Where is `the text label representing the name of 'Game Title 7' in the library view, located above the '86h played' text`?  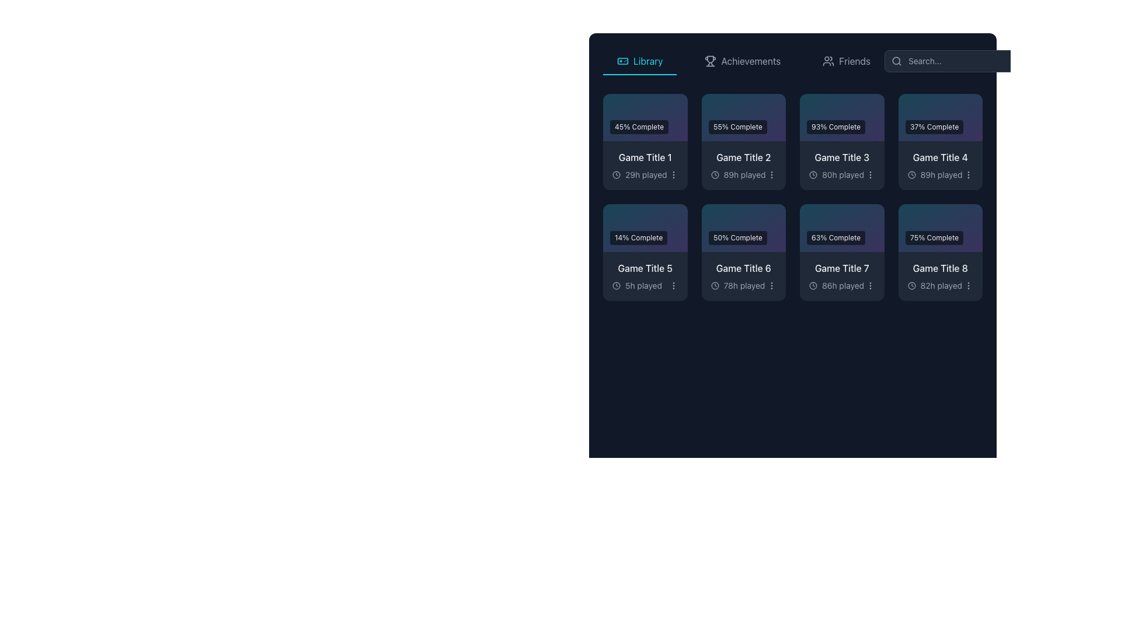
the text label representing the name of 'Game Title 7' in the library view, located above the '86h played' text is located at coordinates (842, 268).